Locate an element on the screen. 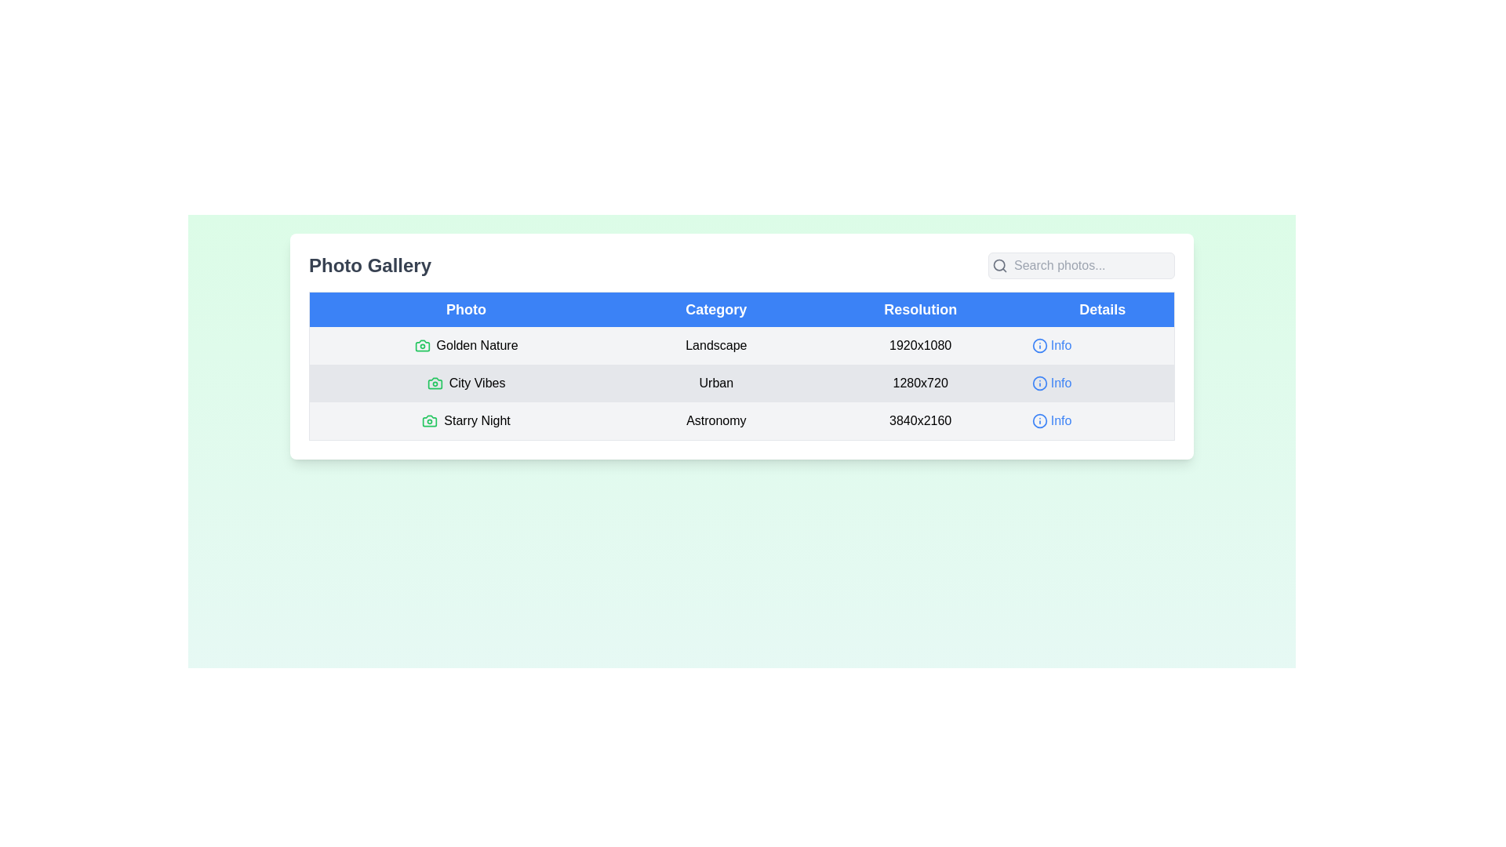 This screenshot has height=847, width=1506. the first camera icon with a green outline located to the left of the text 'Golden Nature' in the 'Photo' column is located at coordinates (422, 344).